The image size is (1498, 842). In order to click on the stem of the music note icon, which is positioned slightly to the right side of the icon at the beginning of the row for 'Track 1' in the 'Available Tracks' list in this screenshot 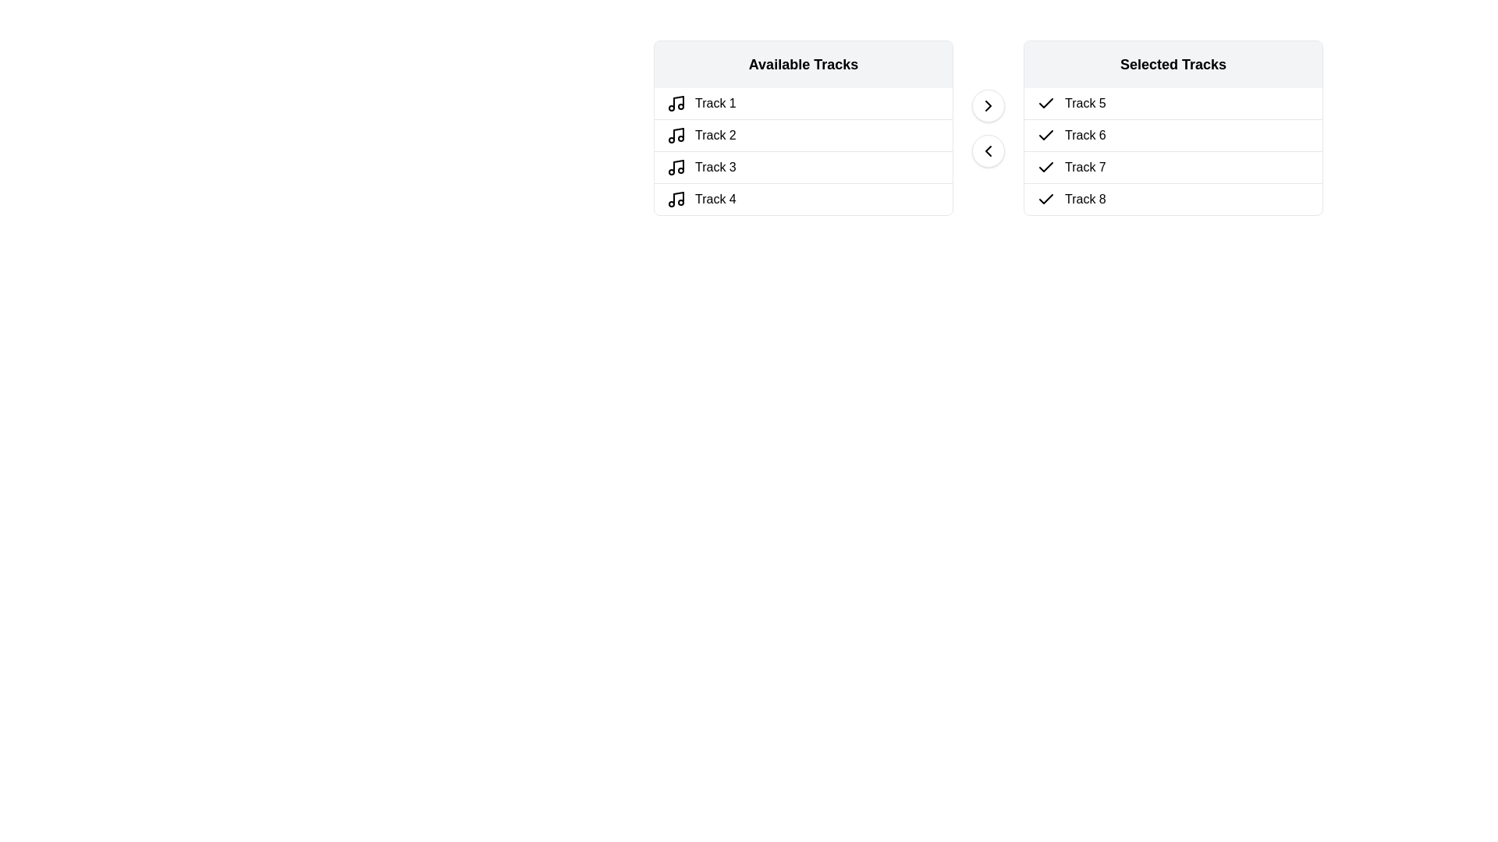, I will do `click(678, 102)`.